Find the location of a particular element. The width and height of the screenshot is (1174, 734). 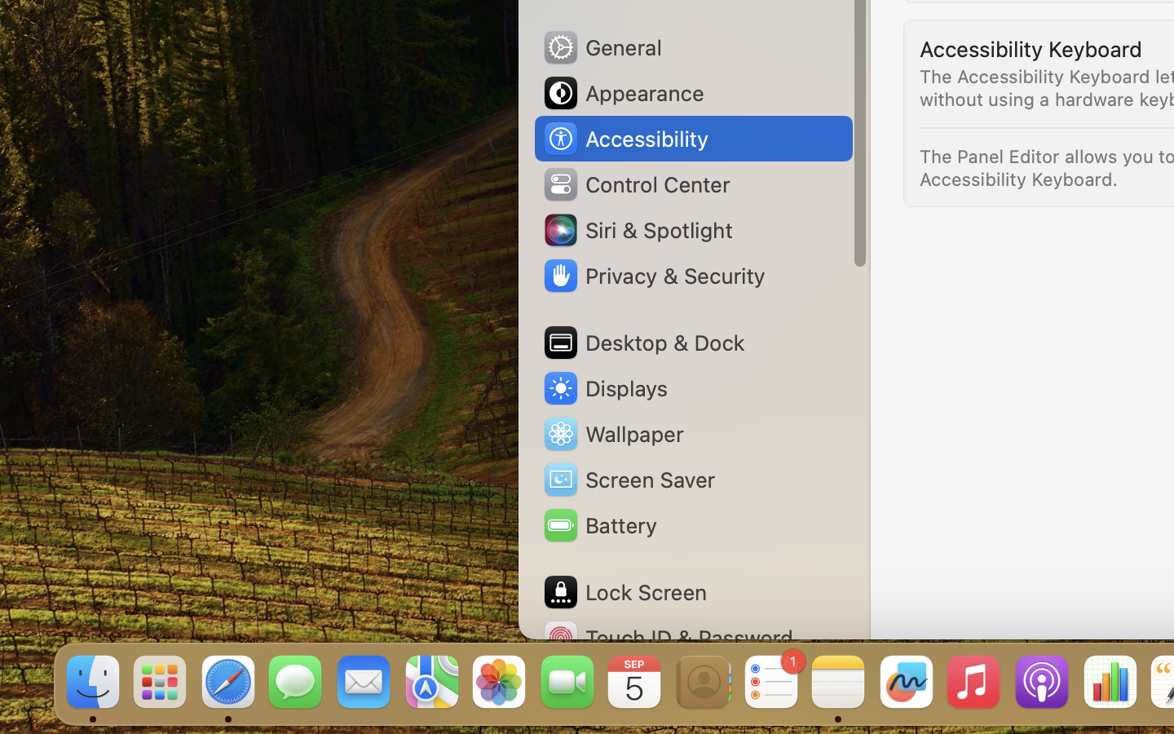

'Displays' is located at coordinates (604, 387).